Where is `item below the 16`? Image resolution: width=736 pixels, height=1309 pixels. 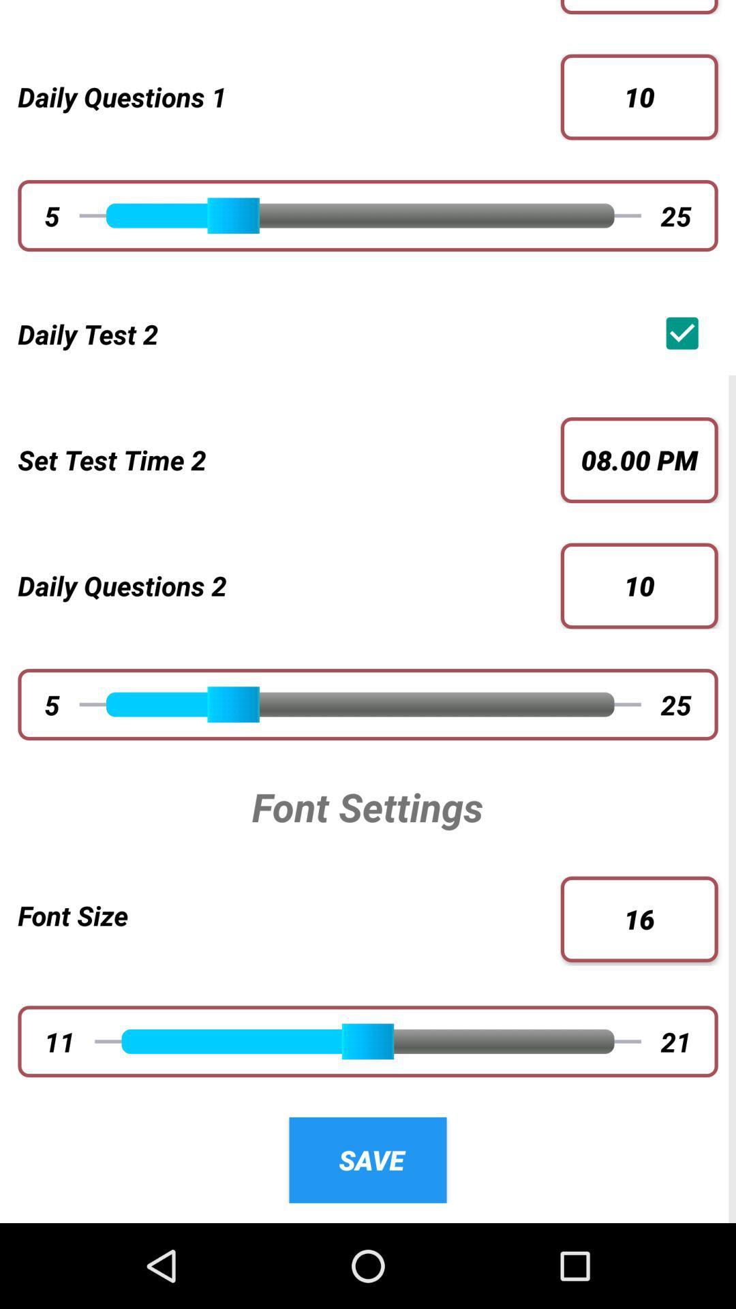
item below the 16 is located at coordinates (676, 1040).